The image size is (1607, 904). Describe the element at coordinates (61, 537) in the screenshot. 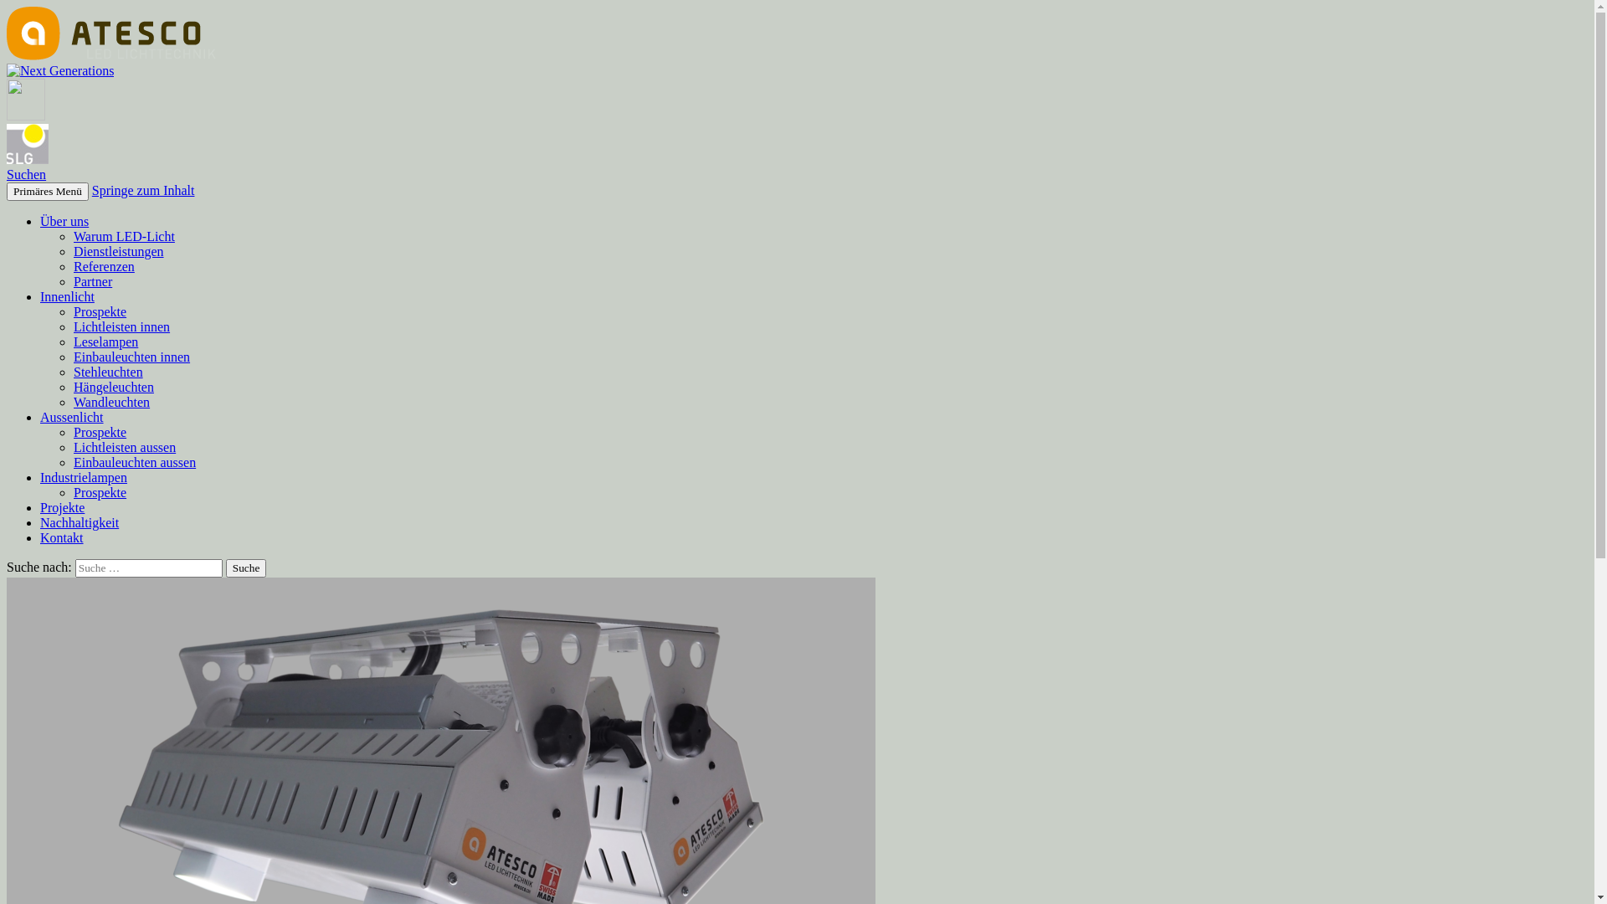

I see `'Kontakt'` at that location.